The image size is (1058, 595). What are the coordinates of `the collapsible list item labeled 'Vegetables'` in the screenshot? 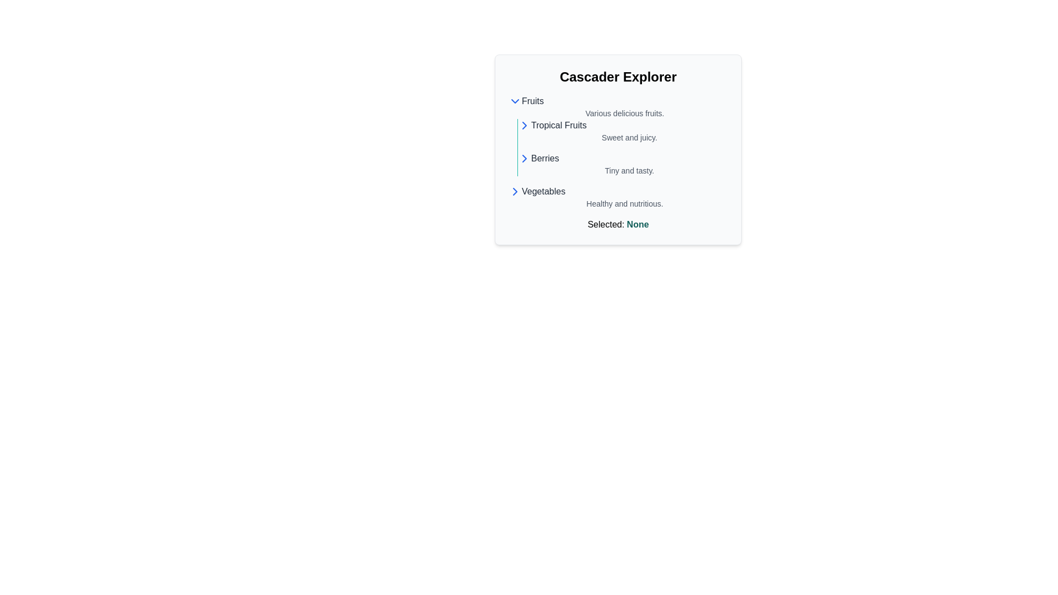 It's located at (618, 191).